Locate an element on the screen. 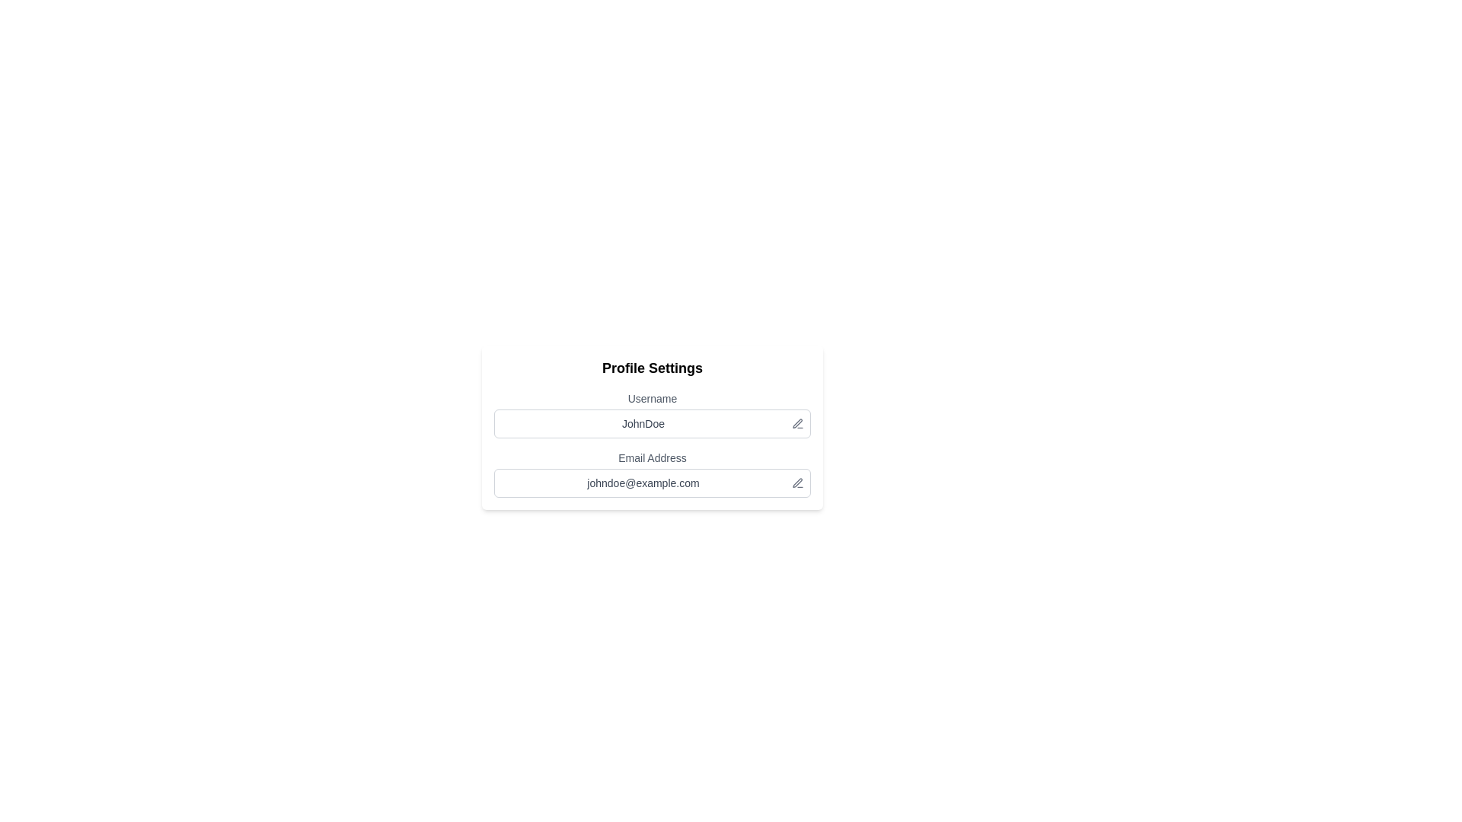 The height and width of the screenshot is (822, 1462). the pen icon located in the right section of the 'Email Address' input field is located at coordinates (796, 483).